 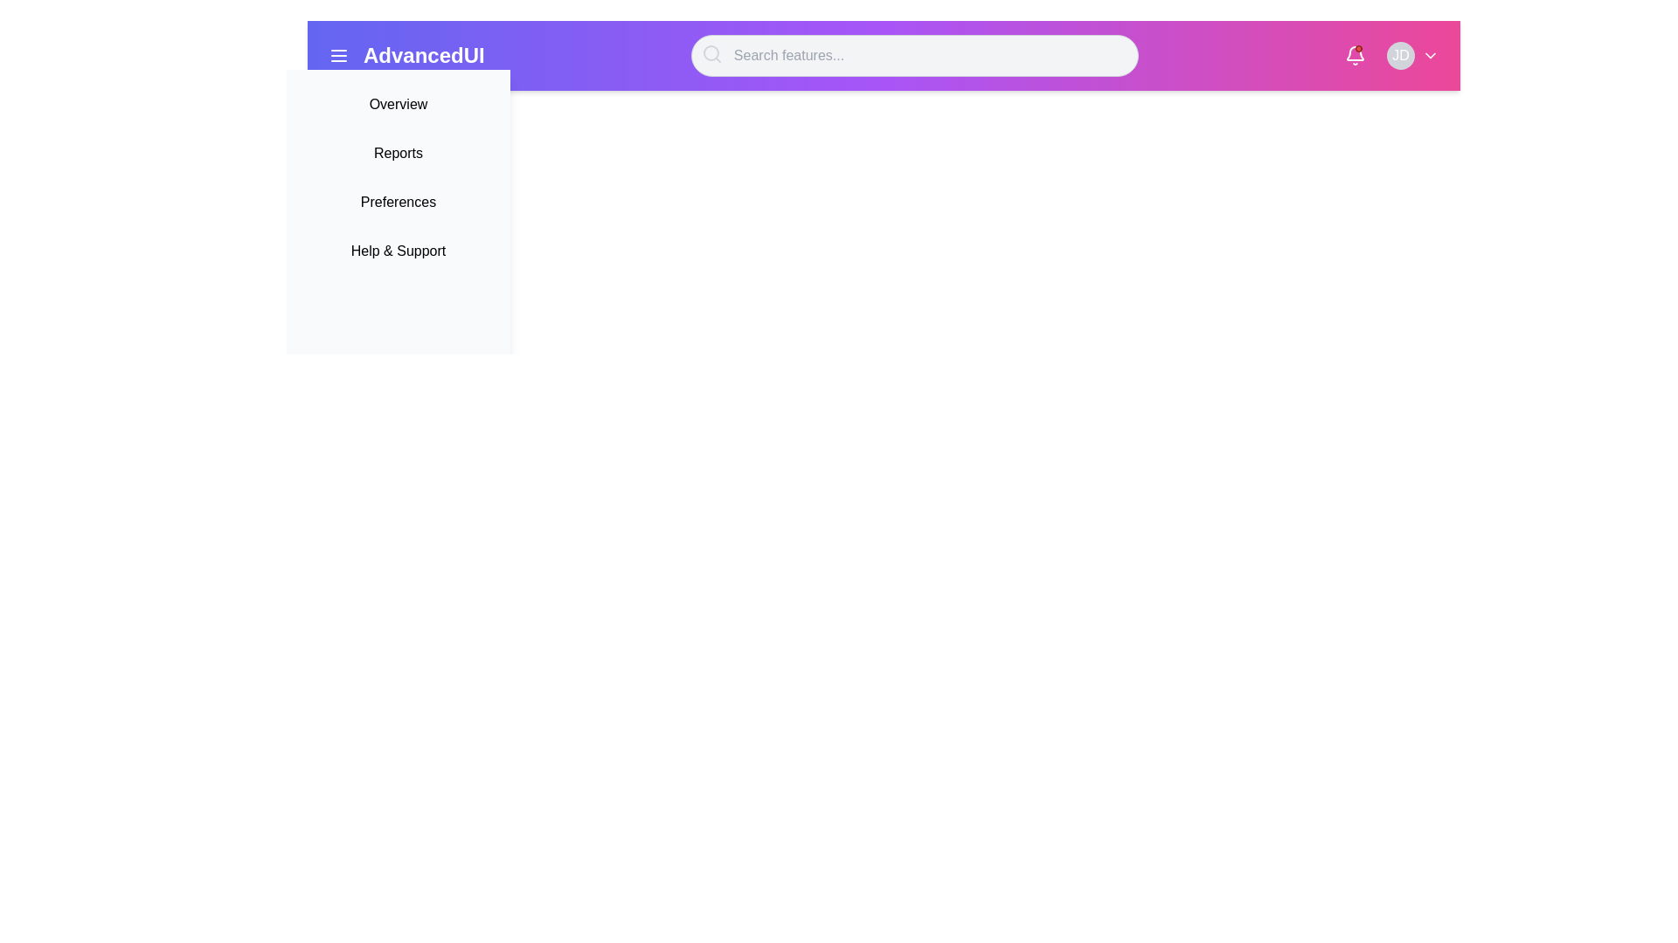 I want to click on the 'Preferences' button, which is the third item in a vertical list of menu items in the drop-down menu, positioned below 'Reports' and above 'Help & Support', so click(x=398, y=201).